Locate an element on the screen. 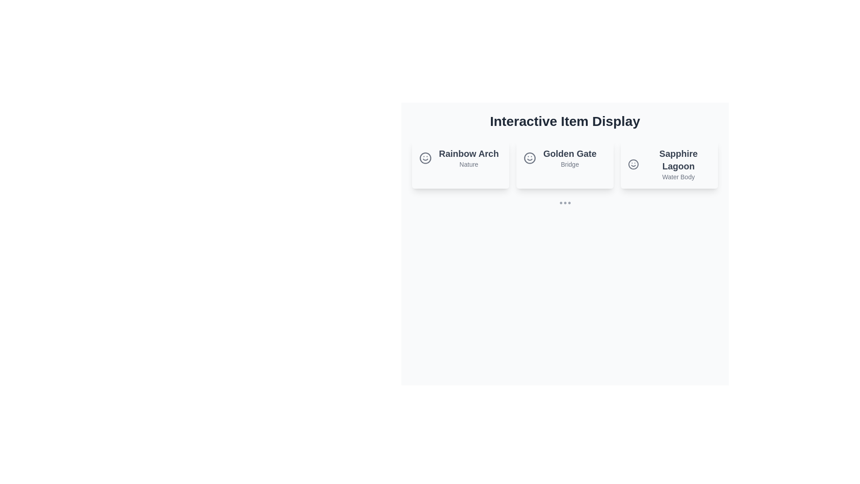 The width and height of the screenshot is (860, 484). the Interactive Card for 'Rainbow Arch' in the top-left position of the grid layout is located at coordinates (460, 164).